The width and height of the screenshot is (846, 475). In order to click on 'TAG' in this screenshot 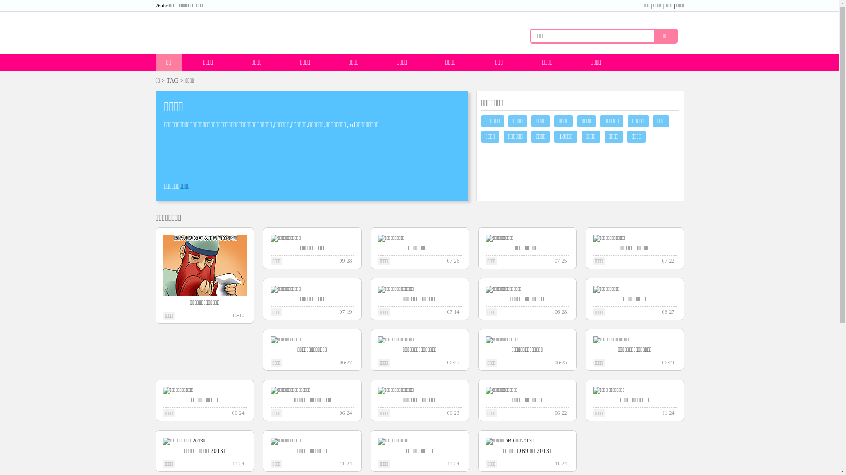, I will do `click(173, 80)`.